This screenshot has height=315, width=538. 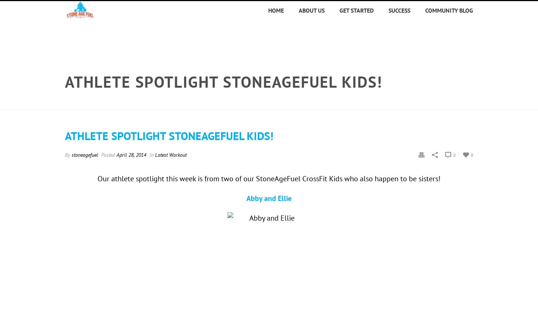 What do you see at coordinates (117, 155) in the screenshot?
I see `'April 28, 2014'` at bounding box center [117, 155].